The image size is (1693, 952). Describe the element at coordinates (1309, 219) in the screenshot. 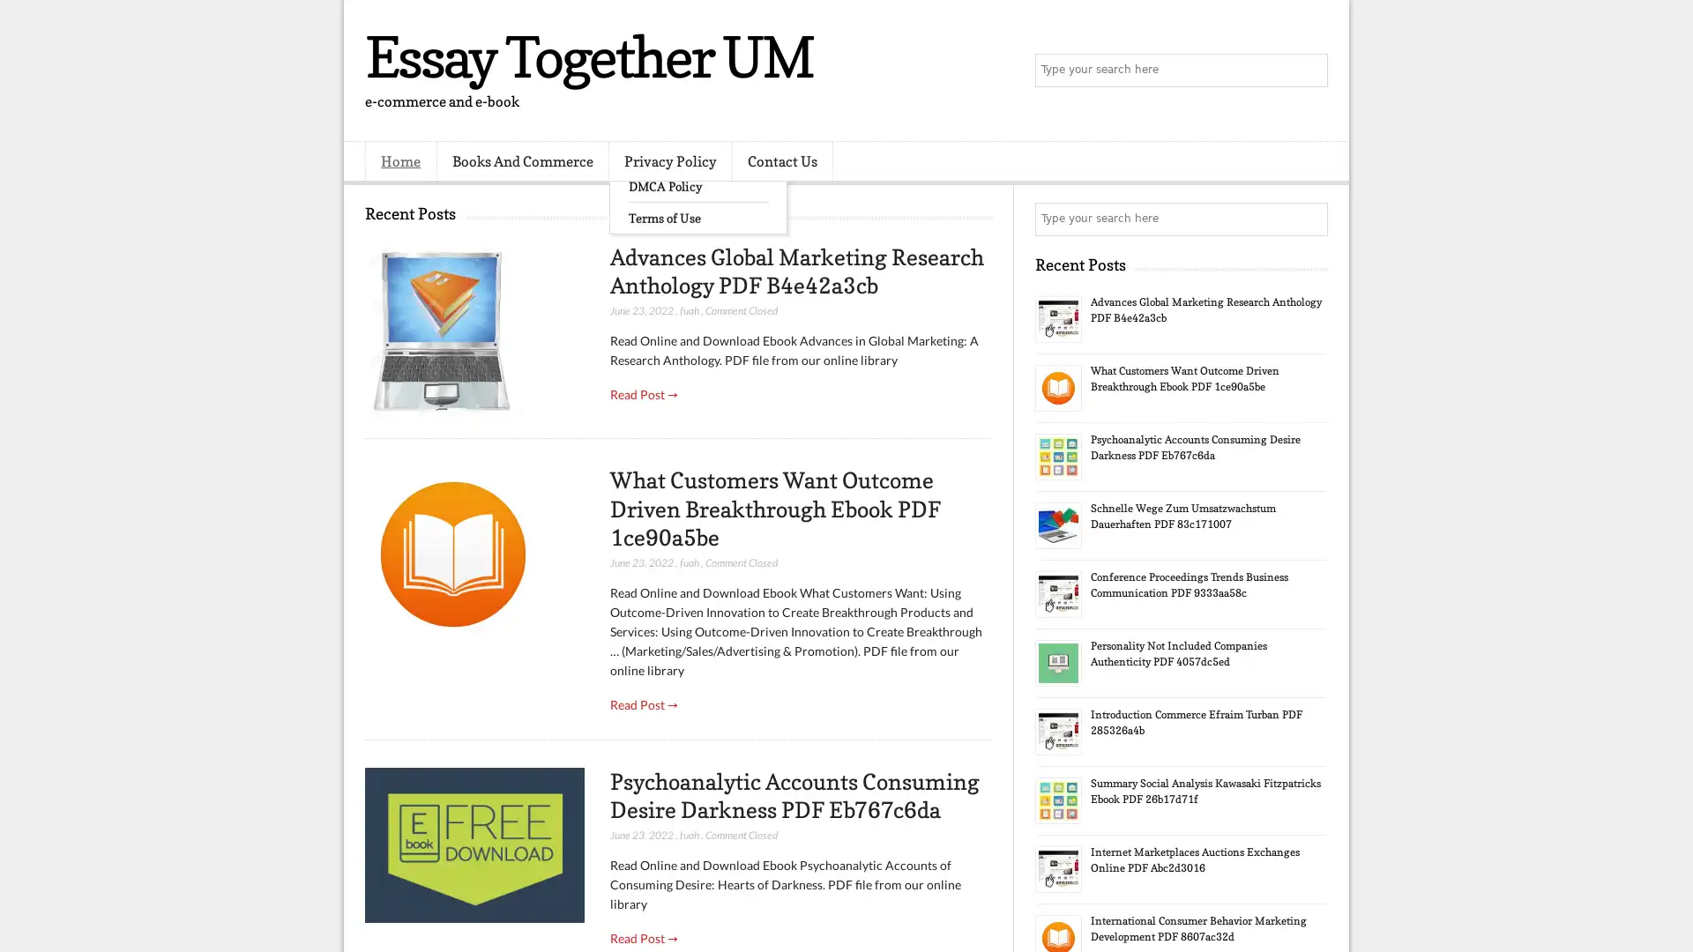

I see `Search` at that location.